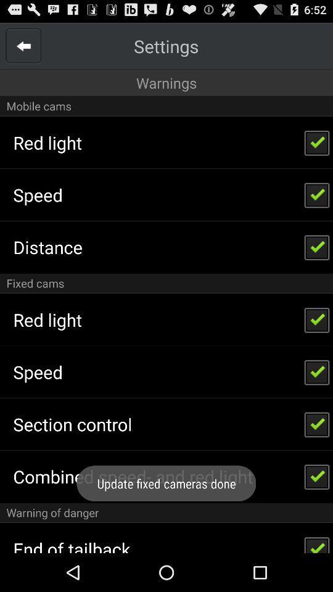 This screenshot has height=592, width=333. Describe the element at coordinates (23, 46) in the screenshot. I see `return to the previous screen` at that location.